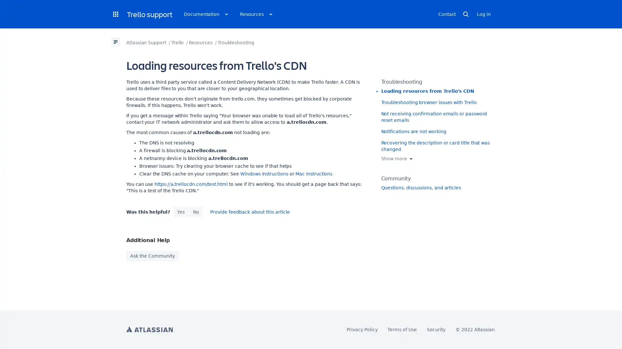  Describe the element at coordinates (466, 14) in the screenshot. I see `Open search page` at that location.